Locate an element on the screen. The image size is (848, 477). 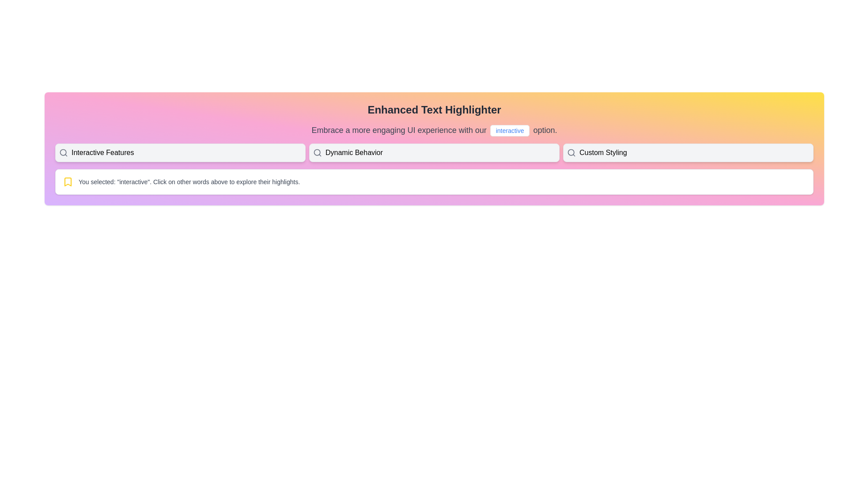
the yellow-tinted bookmark SVG icon located at the left side of the text box containing the phrase 'You selected: "interactive"' is located at coordinates (67, 182).